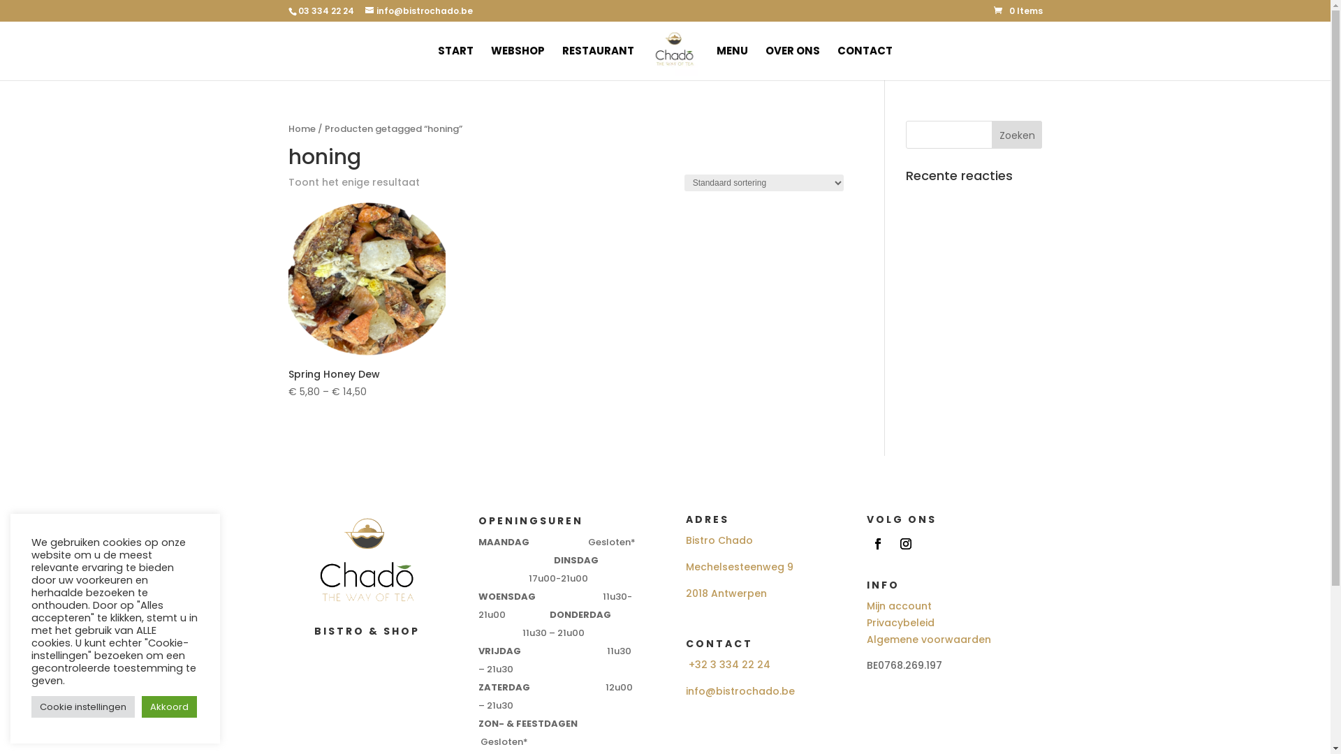 Image resolution: width=1341 pixels, height=754 pixels. Describe the element at coordinates (562, 63) in the screenshot. I see `'RESTAURANT'` at that location.